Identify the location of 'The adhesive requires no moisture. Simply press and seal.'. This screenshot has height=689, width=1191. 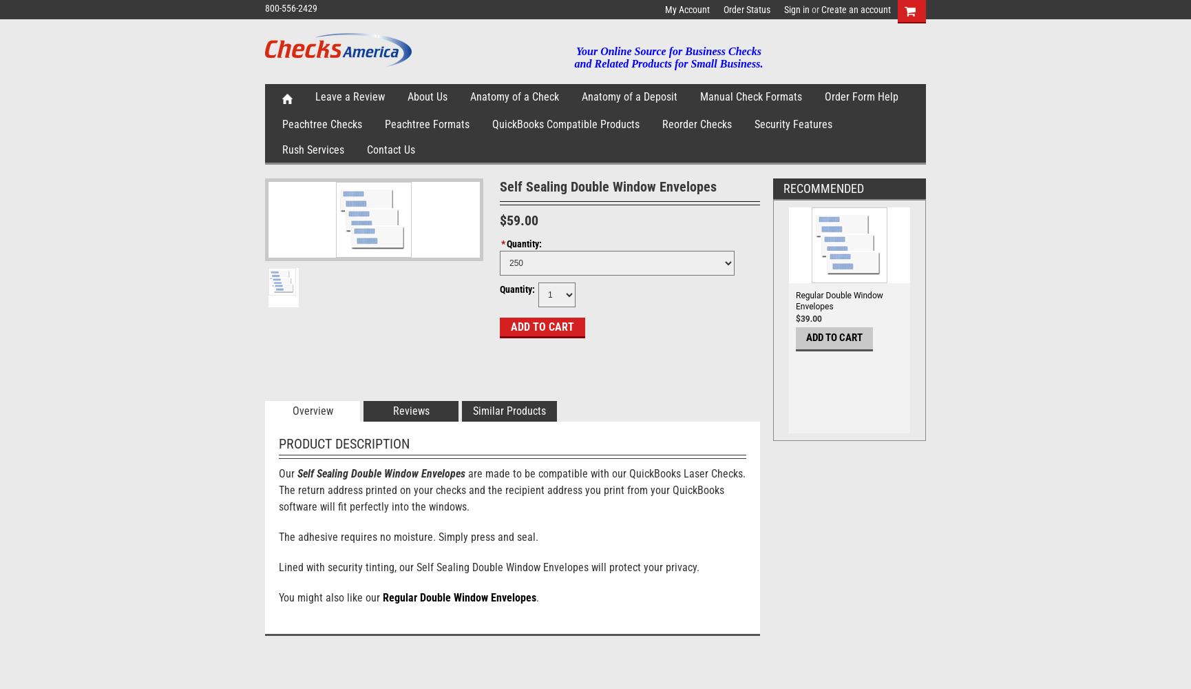
(408, 537).